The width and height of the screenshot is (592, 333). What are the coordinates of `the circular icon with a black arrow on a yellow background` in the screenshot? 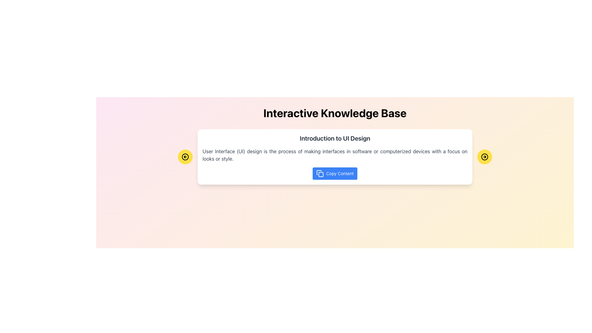 It's located at (484, 157).